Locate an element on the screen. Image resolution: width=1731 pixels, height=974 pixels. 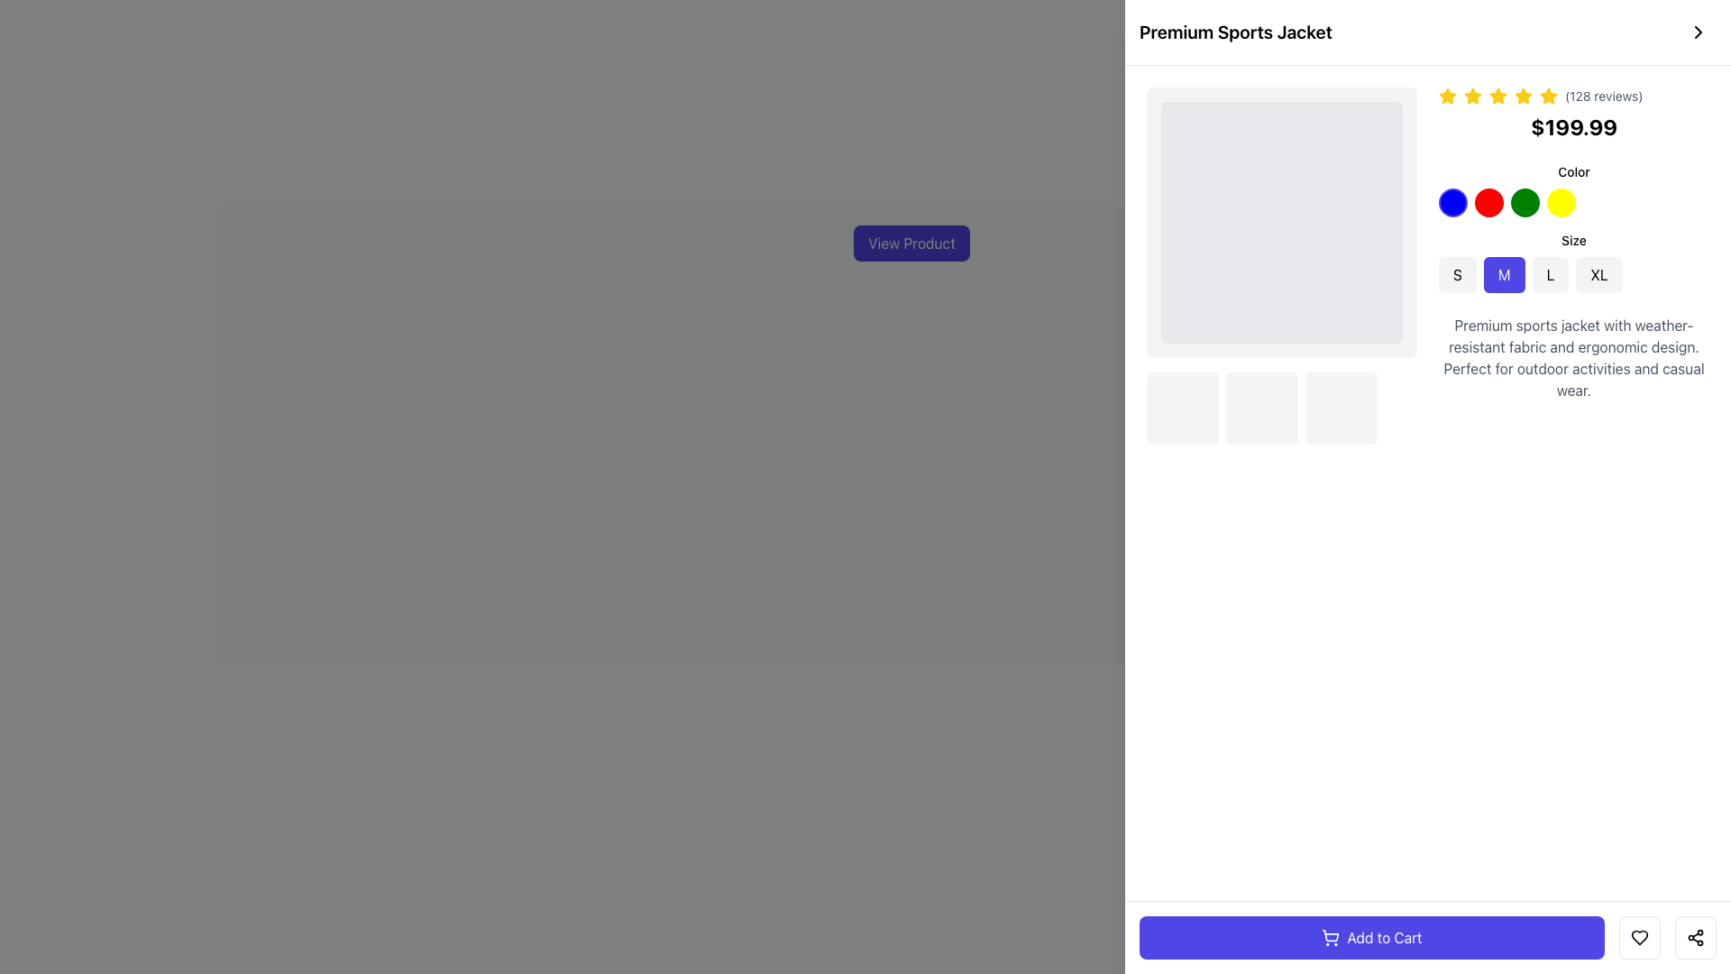
the highlighted yellow circular button, which is the fourth button in the horizontal arrangement under the 'Color' heading is located at coordinates (1573, 202).